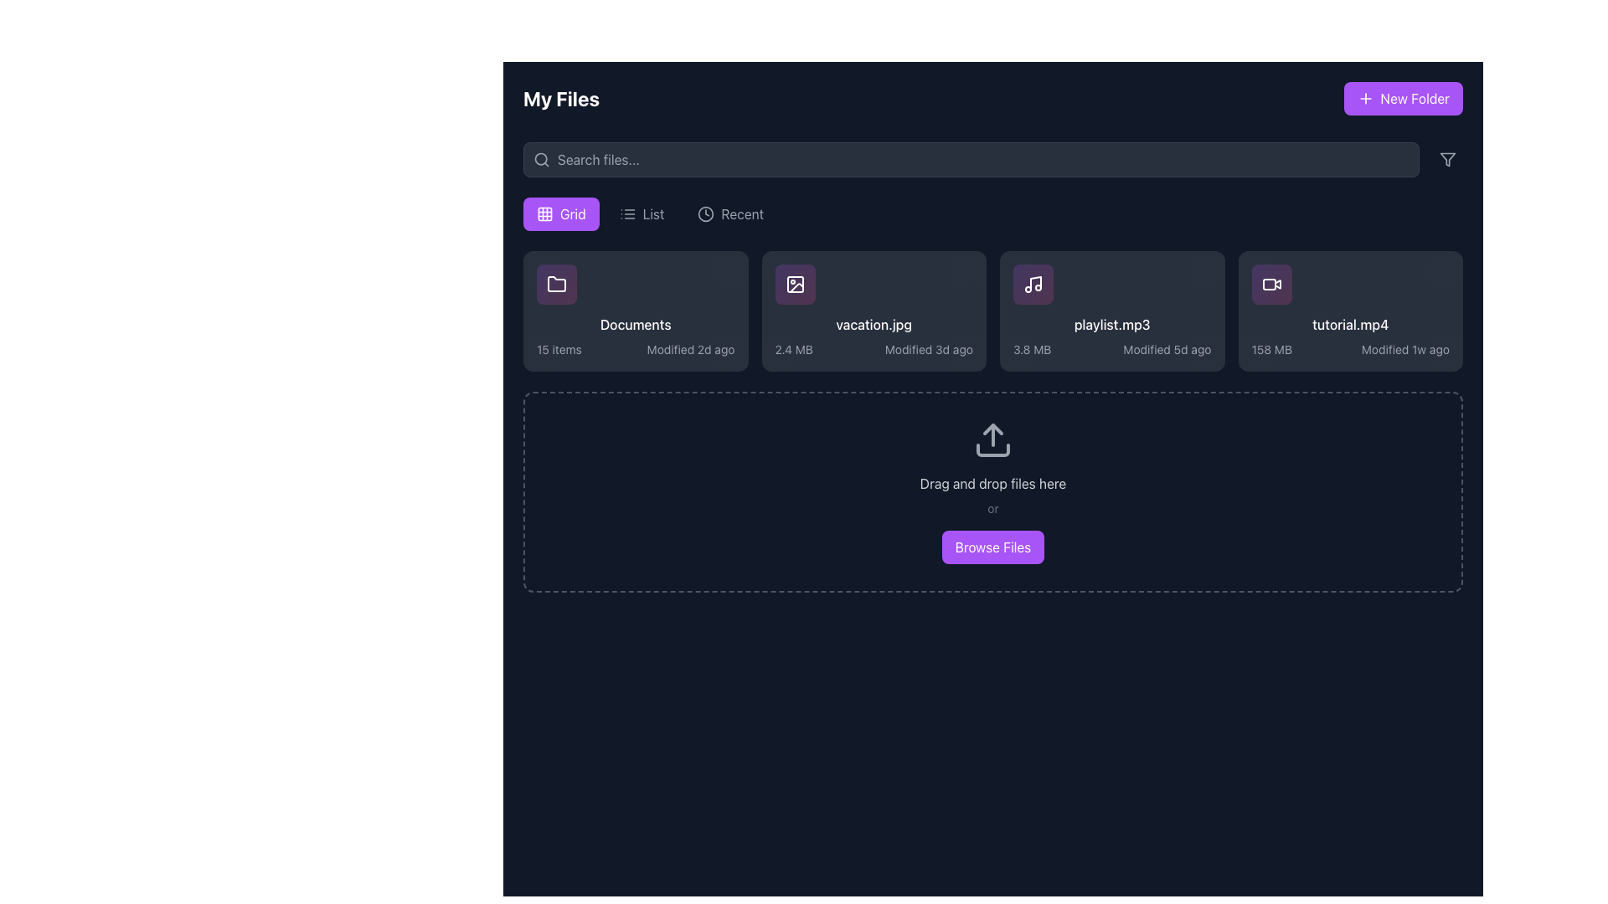  What do you see at coordinates (652, 213) in the screenshot?
I see `the 'List' text label located in the horizontal navigation bar` at bounding box center [652, 213].